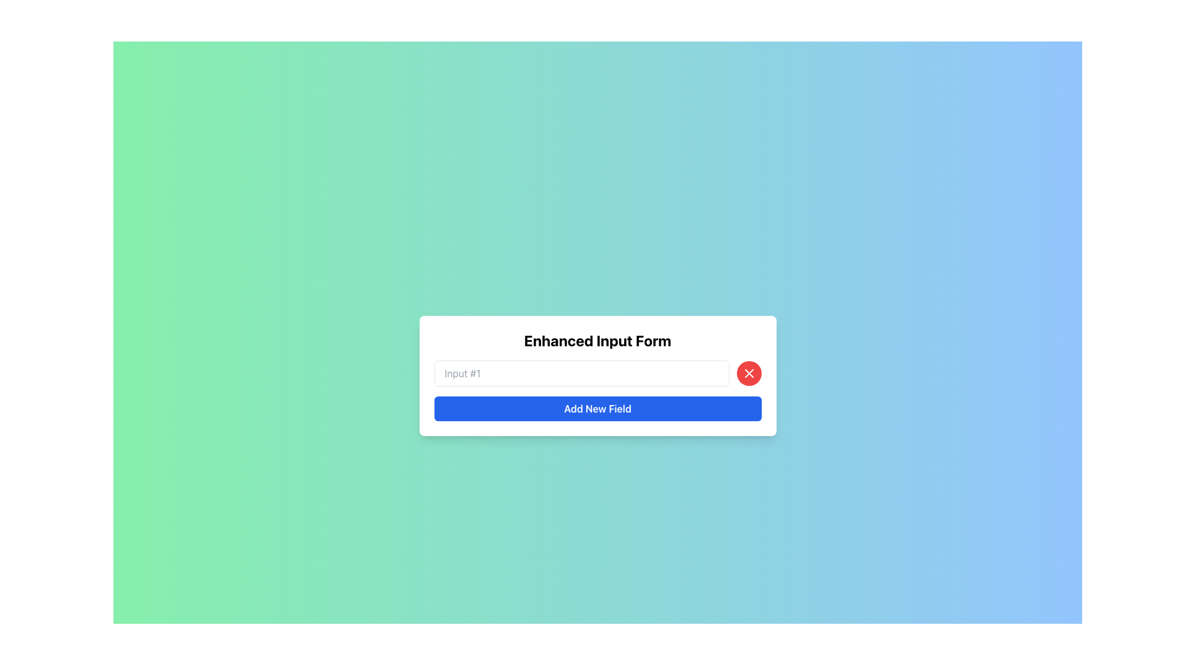  I want to click on the 'Add Input Field' button located at the bottom of the 'Enhanced Input Form' card to change its background color, so click(597, 408).